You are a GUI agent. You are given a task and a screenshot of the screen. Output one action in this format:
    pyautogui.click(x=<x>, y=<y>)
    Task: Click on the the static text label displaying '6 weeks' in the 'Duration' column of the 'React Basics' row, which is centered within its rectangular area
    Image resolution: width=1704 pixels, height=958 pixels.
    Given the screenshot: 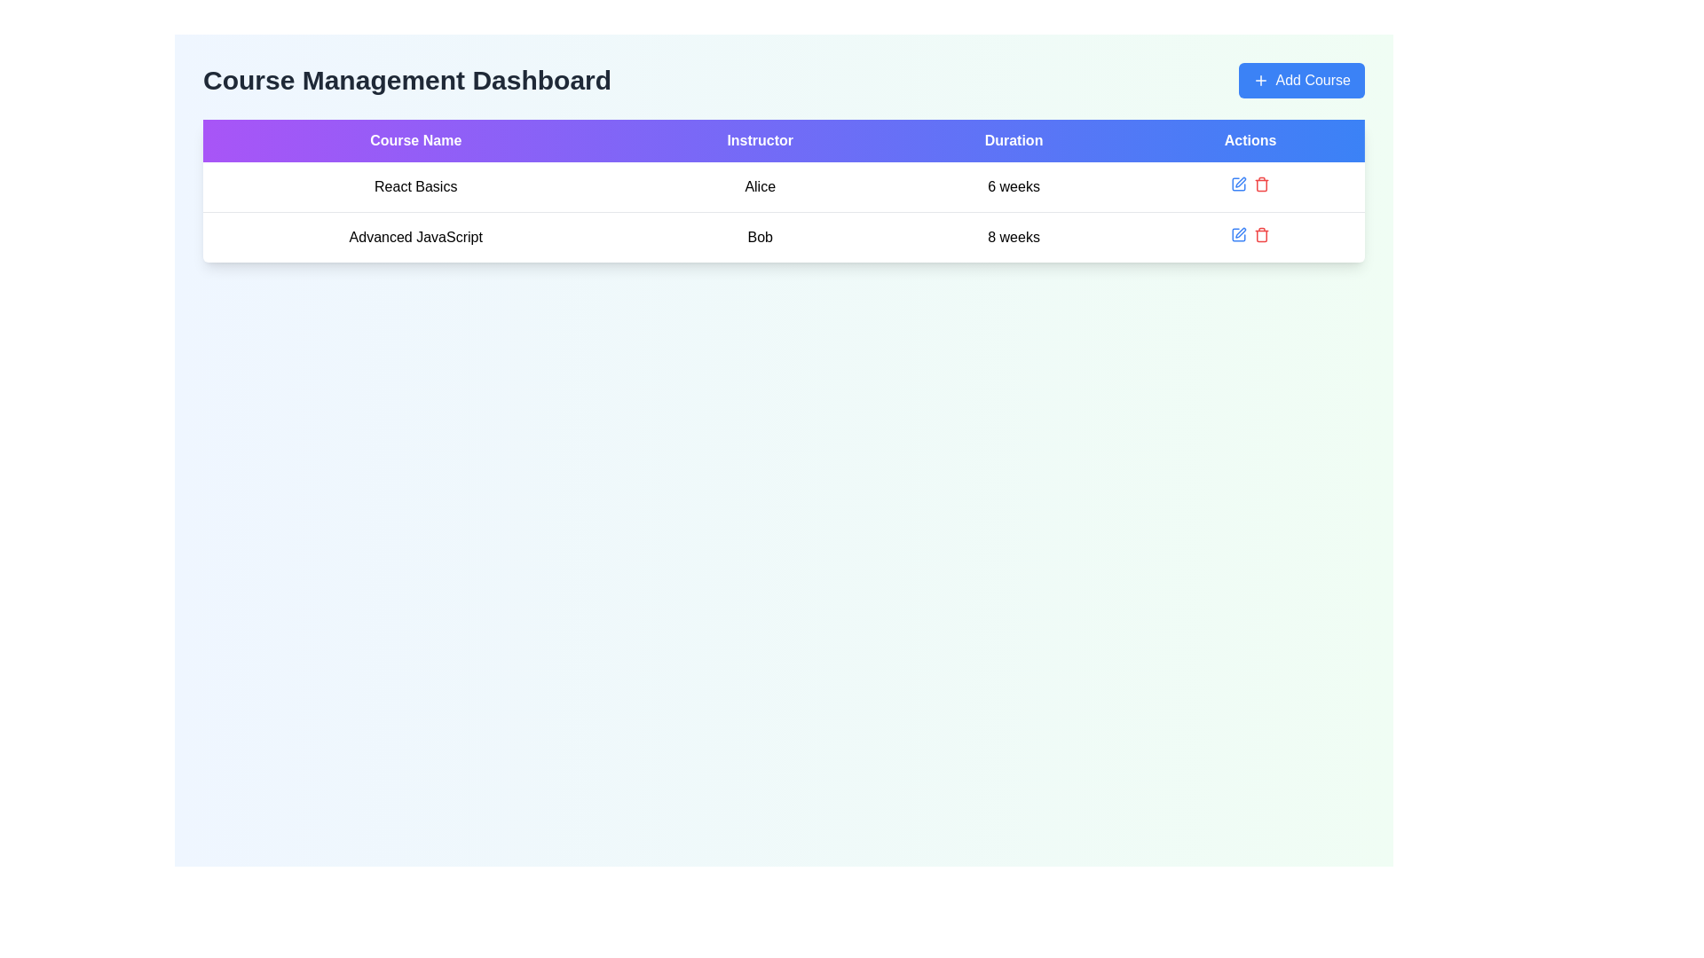 What is the action you would take?
    pyautogui.click(x=1014, y=187)
    